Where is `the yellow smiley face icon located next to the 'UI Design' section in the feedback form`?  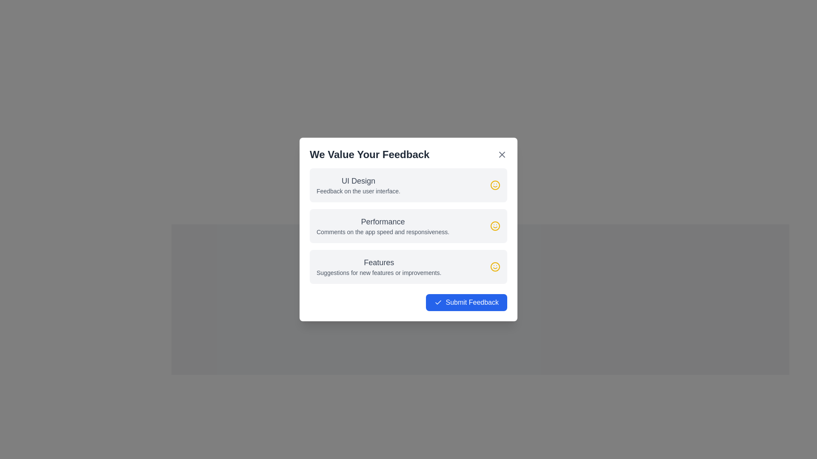
the yellow smiley face icon located next to the 'UI Design' section in the feedback form is located at coordinates (495, 184).